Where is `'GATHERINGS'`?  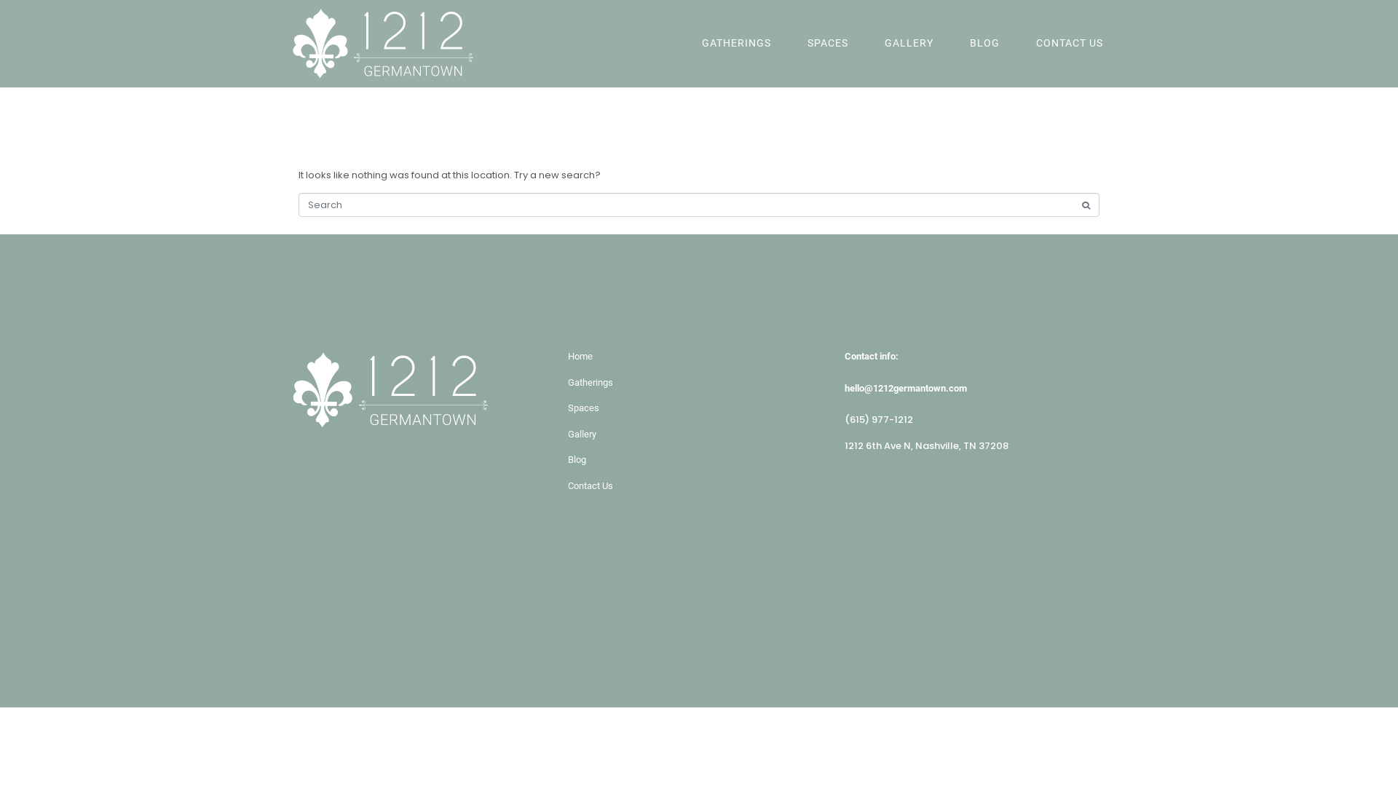 'GATHERINGS' is located at coordinates (736, 43).